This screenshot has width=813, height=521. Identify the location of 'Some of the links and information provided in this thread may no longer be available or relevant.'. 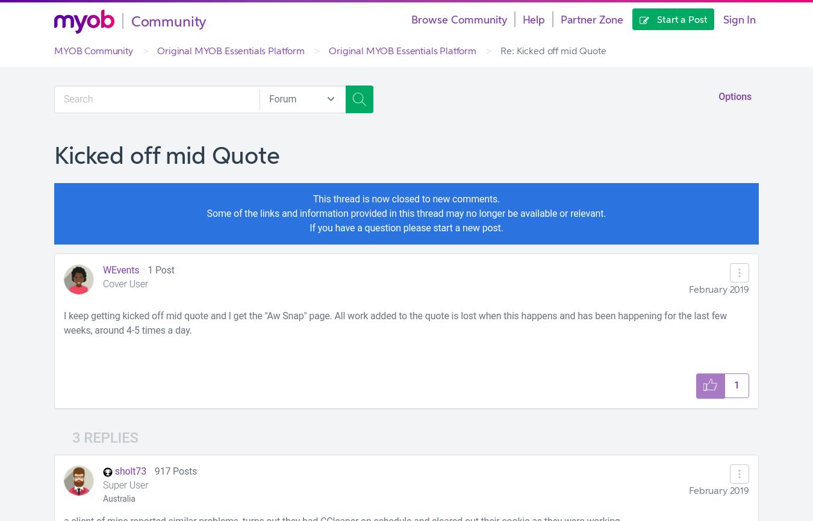
(406, 213).